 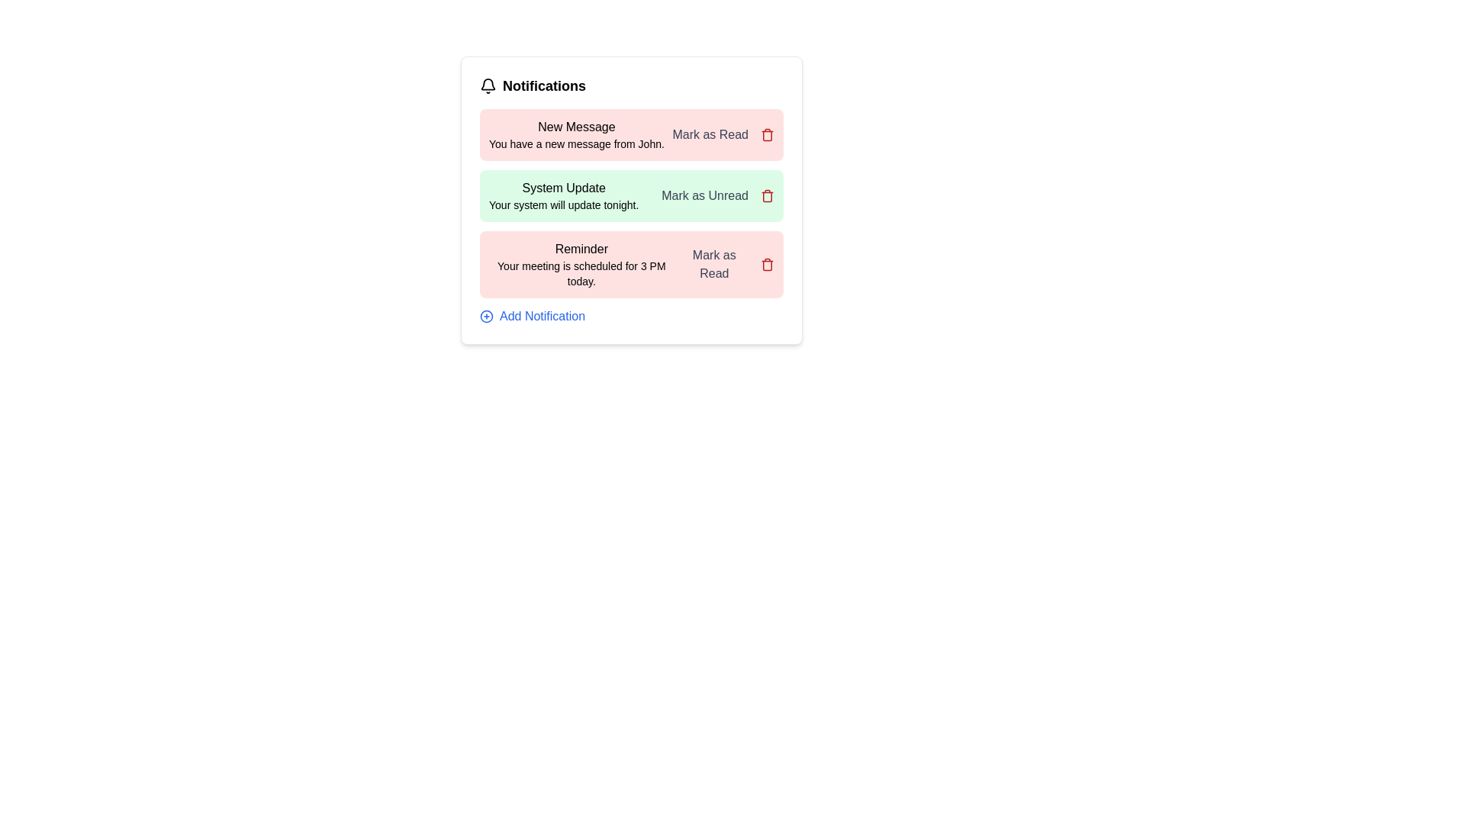 I want to click on the notification list header, so click(x=632, y=85).